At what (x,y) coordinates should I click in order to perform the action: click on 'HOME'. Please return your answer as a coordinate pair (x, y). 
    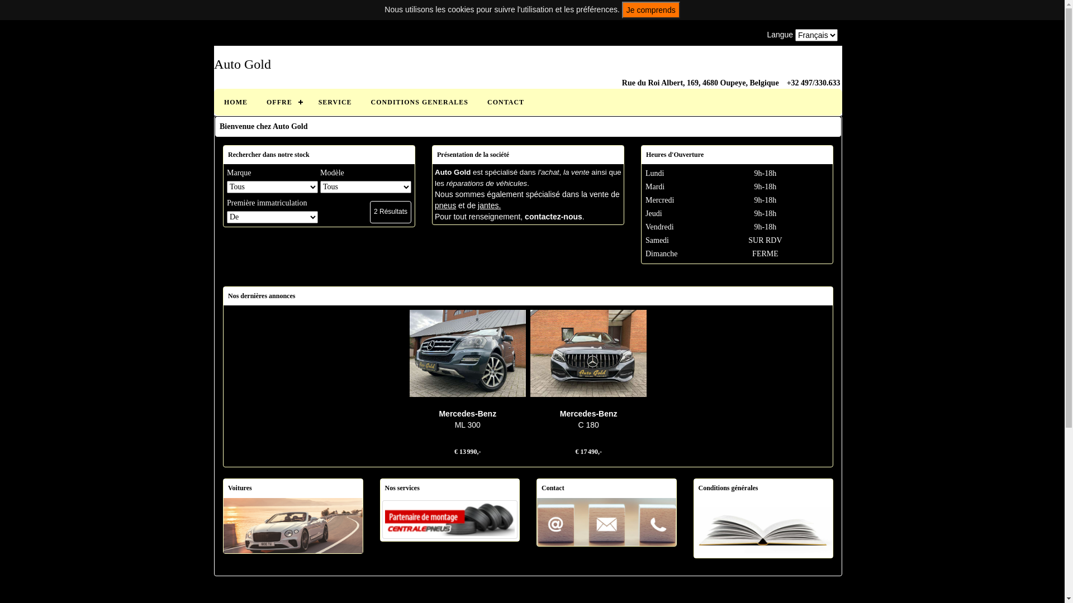
    Looking at the image, I should click on (235, 102).